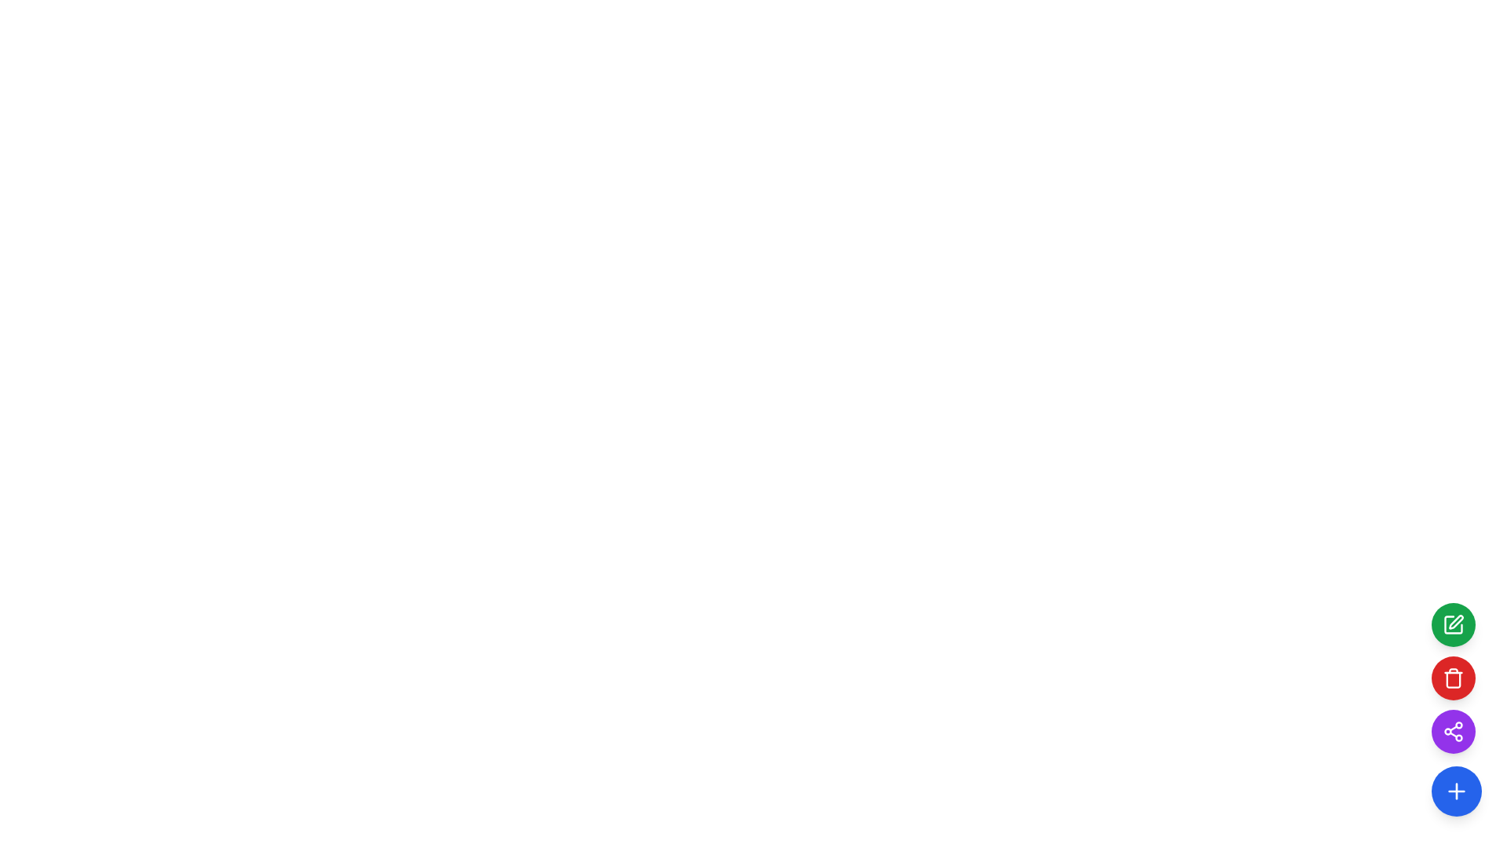 The image size is (1507, 848). I want to click on the green button at the top of the vertical button group located near the bottom-right corner of the interface, so click(1453, 678).